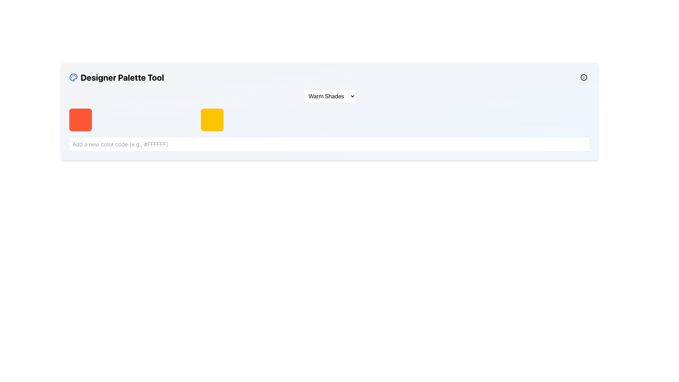 The image size is (679, 382). I want to click on the Text Label that serves as the title or branding for the designer's palette functionalities, located towards the left side of the header section, so click(116, 77).